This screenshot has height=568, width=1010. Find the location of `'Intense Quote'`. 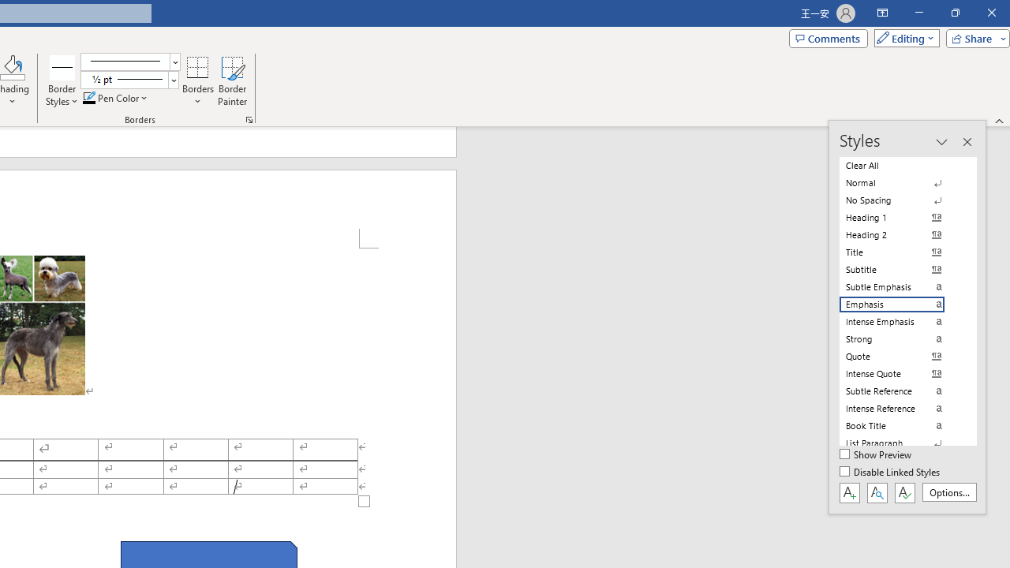

'Intense Quote' is located at coordinates (901, 374).